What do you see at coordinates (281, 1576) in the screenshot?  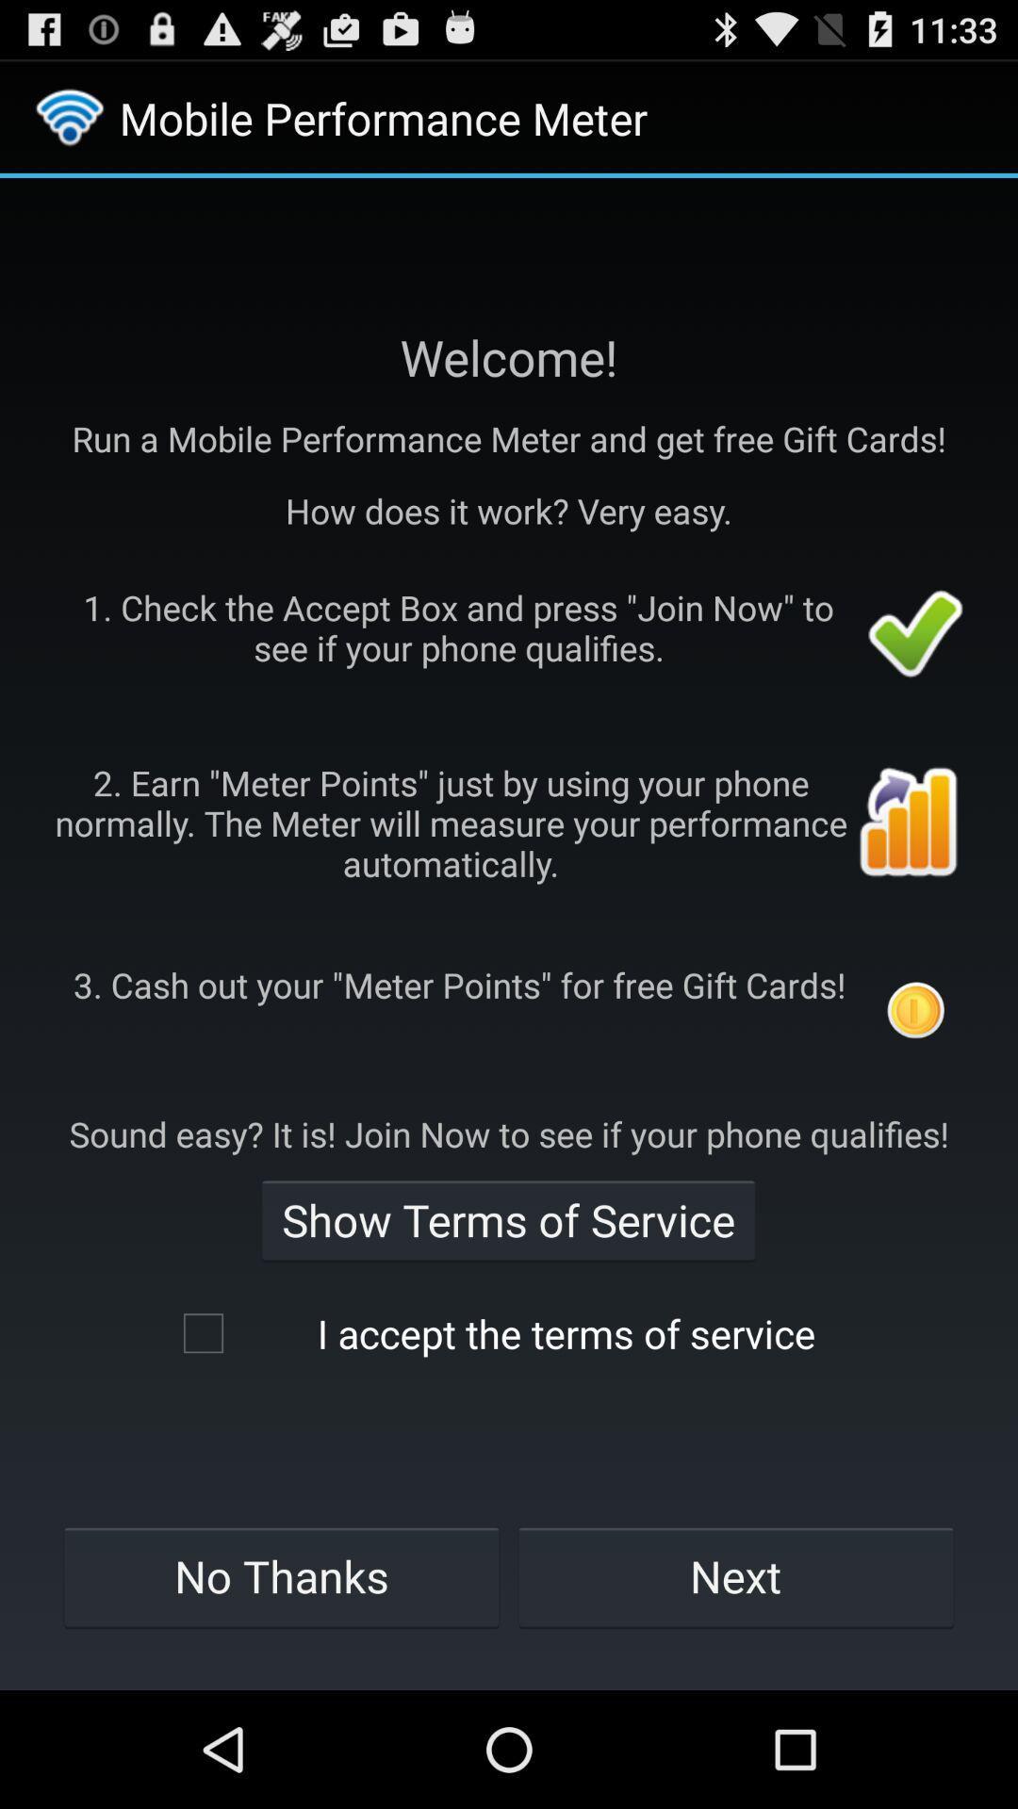 I see `the no thanks` at bounding box center [281, 1576].